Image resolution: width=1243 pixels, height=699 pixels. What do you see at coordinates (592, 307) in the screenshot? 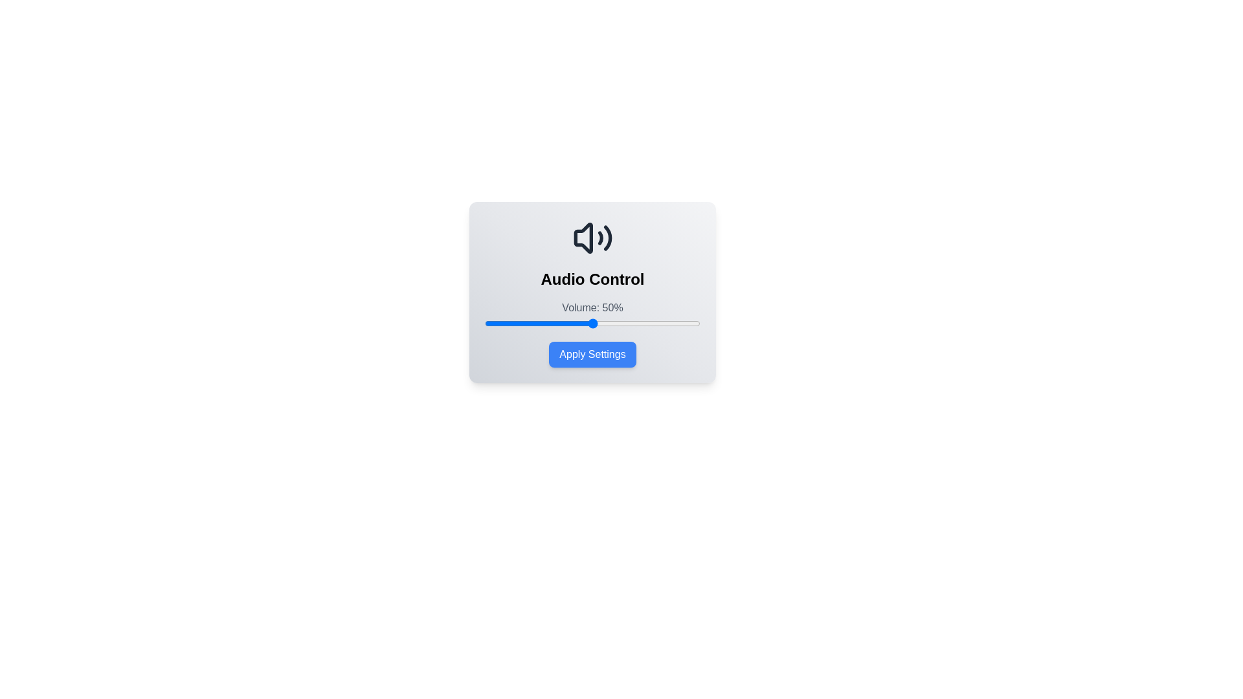
I see `the static text label displaying the current volume level at '50%', which is located beneath the 'Audio Control' header and above the progress slider bar` at bounding box center [592, 307].